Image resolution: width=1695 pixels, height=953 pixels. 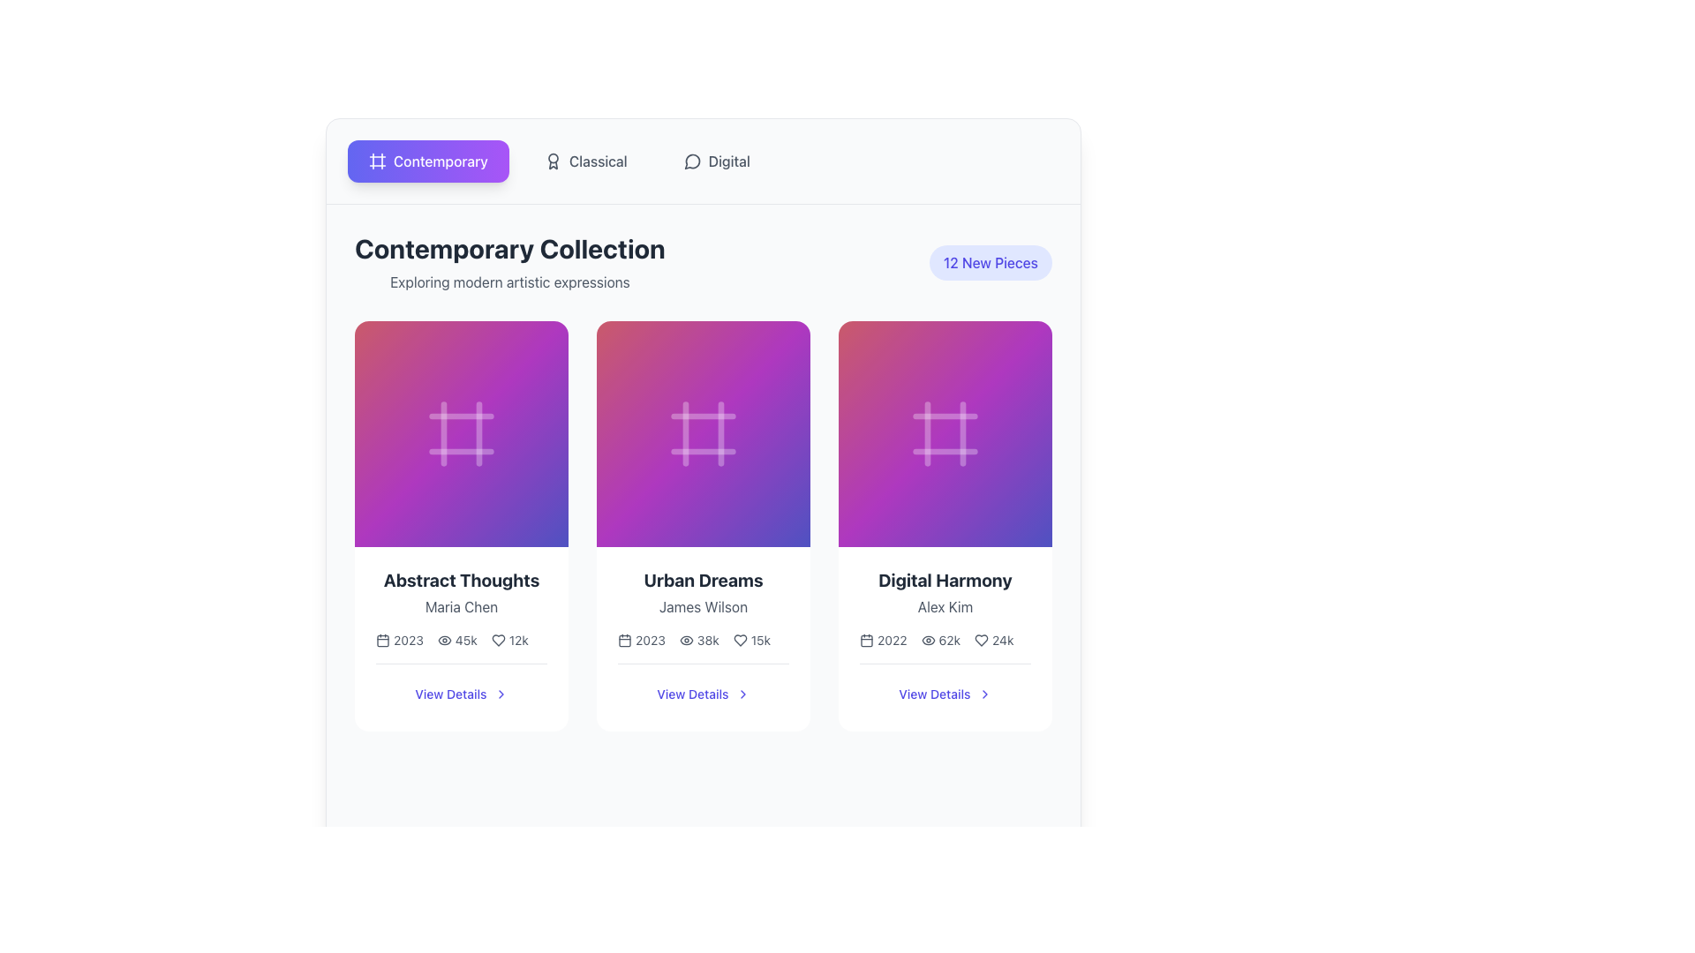 What do you see at coordinates (691, 161) in the screenshot?
I see `the circular message bubble icon located in the top navigation bar, adjacent to the 'Digital' text` at bounding box center [691, 161].